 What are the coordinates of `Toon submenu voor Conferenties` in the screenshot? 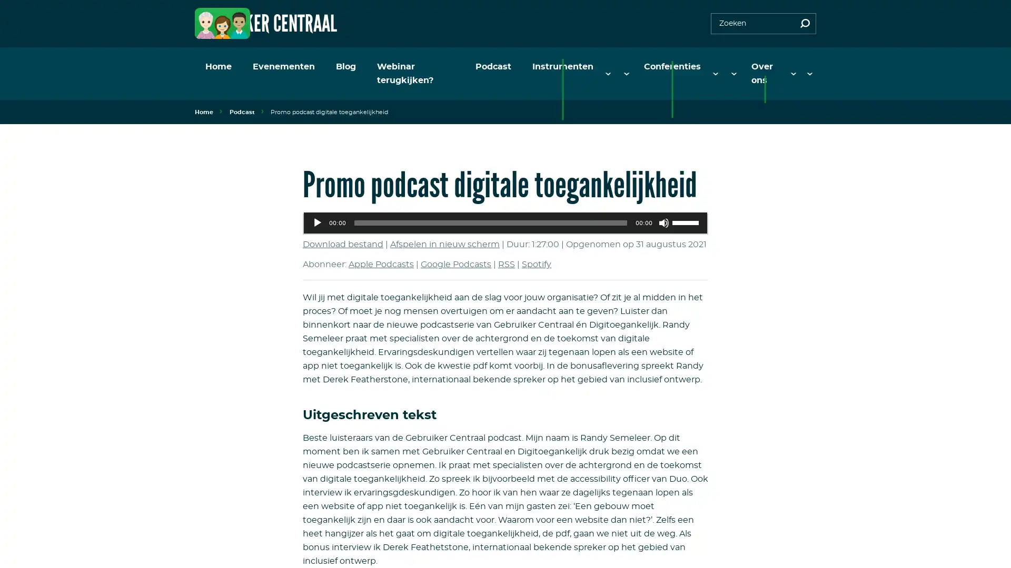 It's located at (720, 67).